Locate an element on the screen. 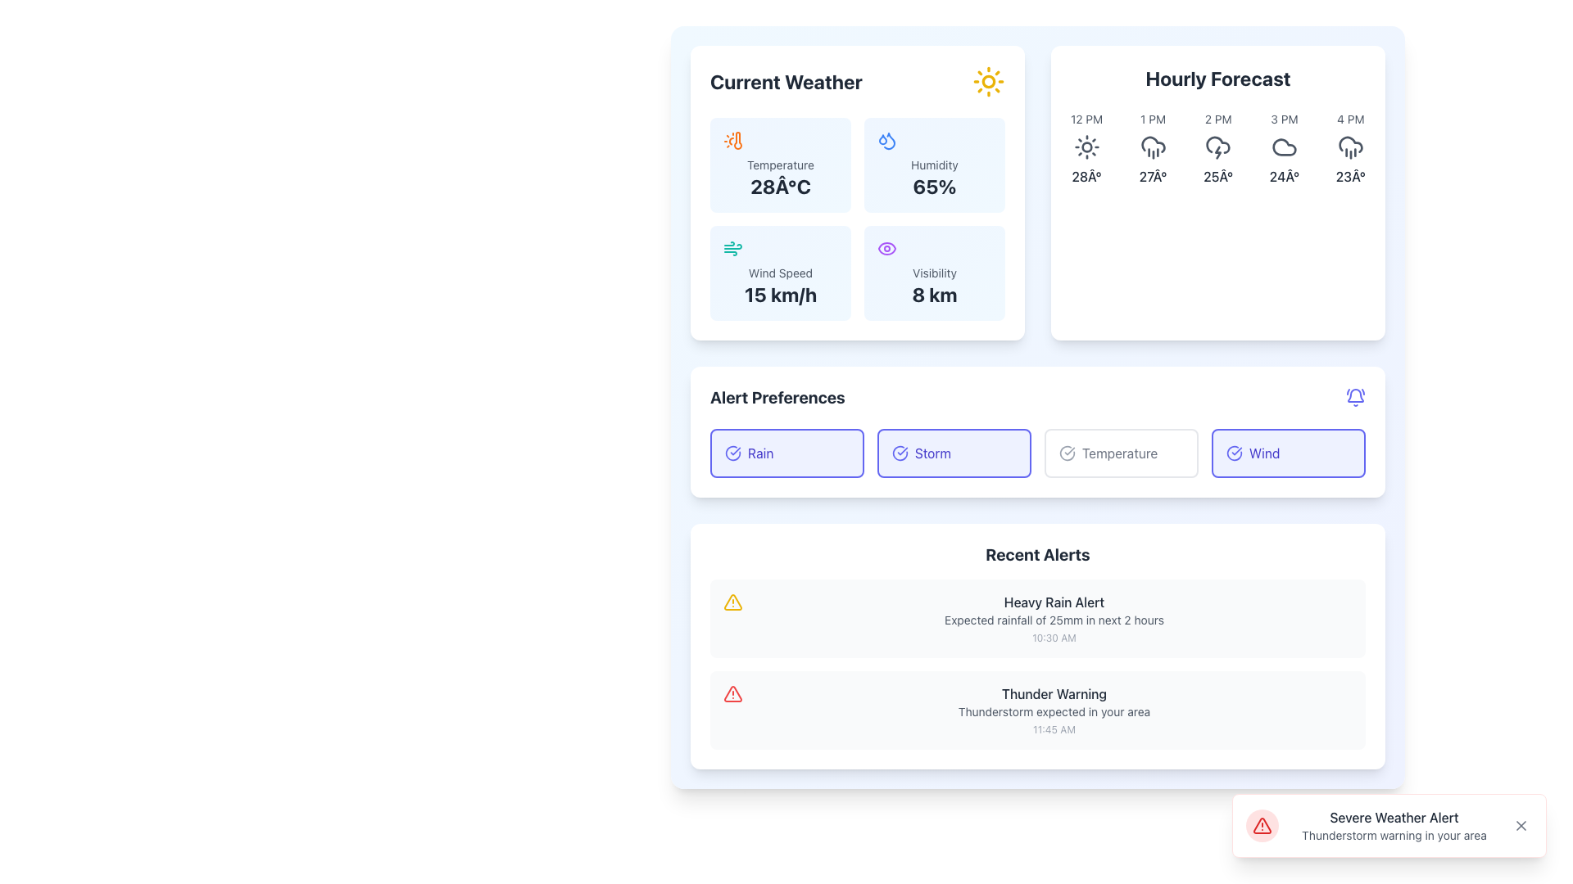 The width and height of the screenshot is (1573, 884). the 'Recent Alerts' heading to identify the section's purpose is located at coordinates (1037, 554).